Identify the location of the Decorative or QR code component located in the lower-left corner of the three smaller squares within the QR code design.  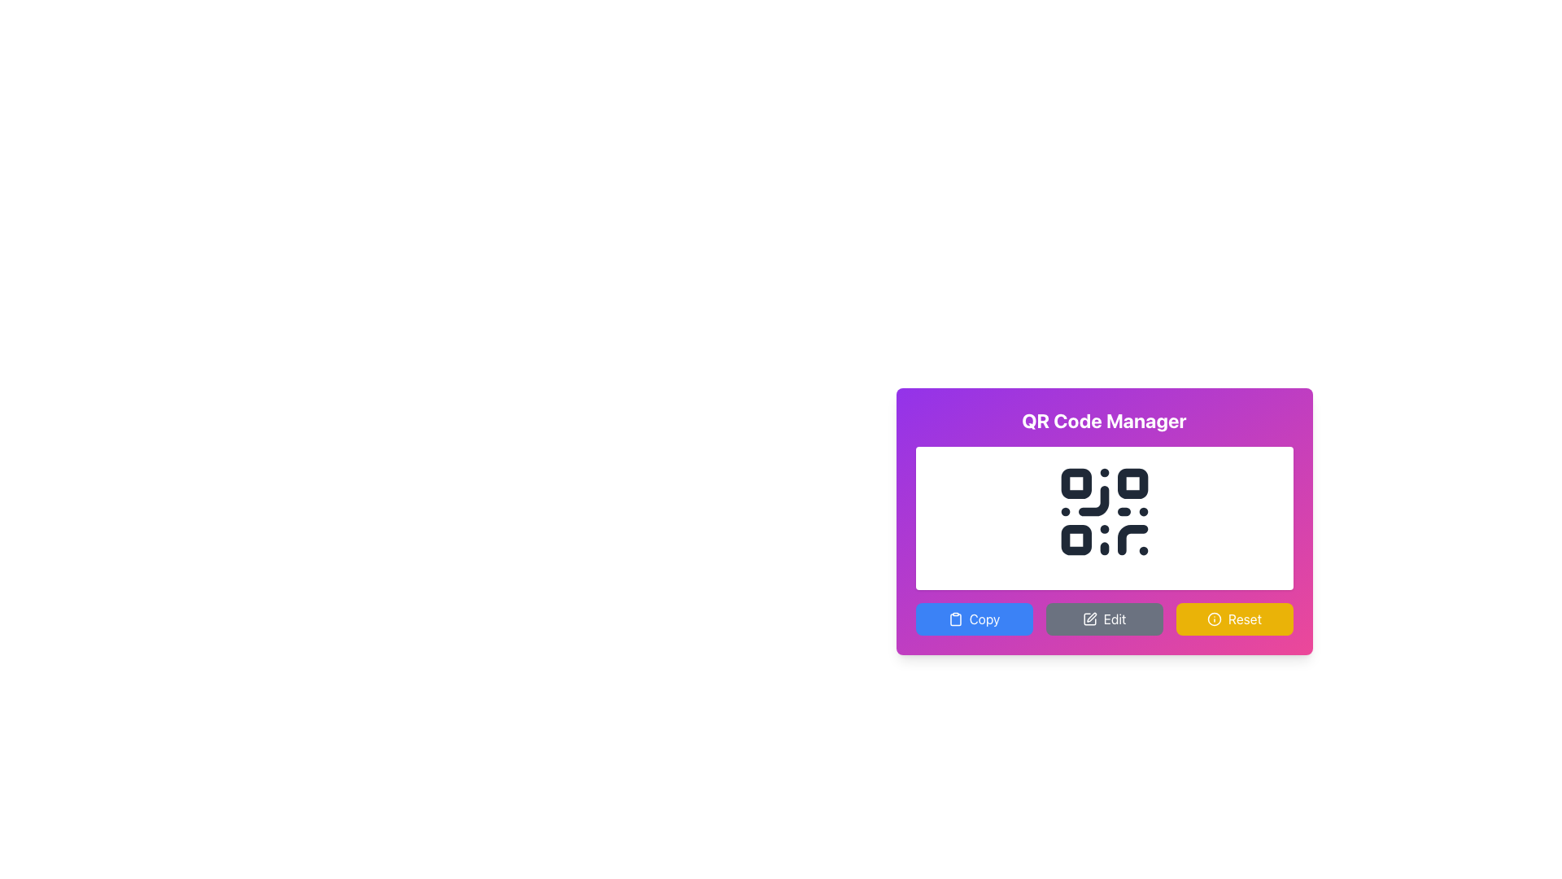
(1076, 540).